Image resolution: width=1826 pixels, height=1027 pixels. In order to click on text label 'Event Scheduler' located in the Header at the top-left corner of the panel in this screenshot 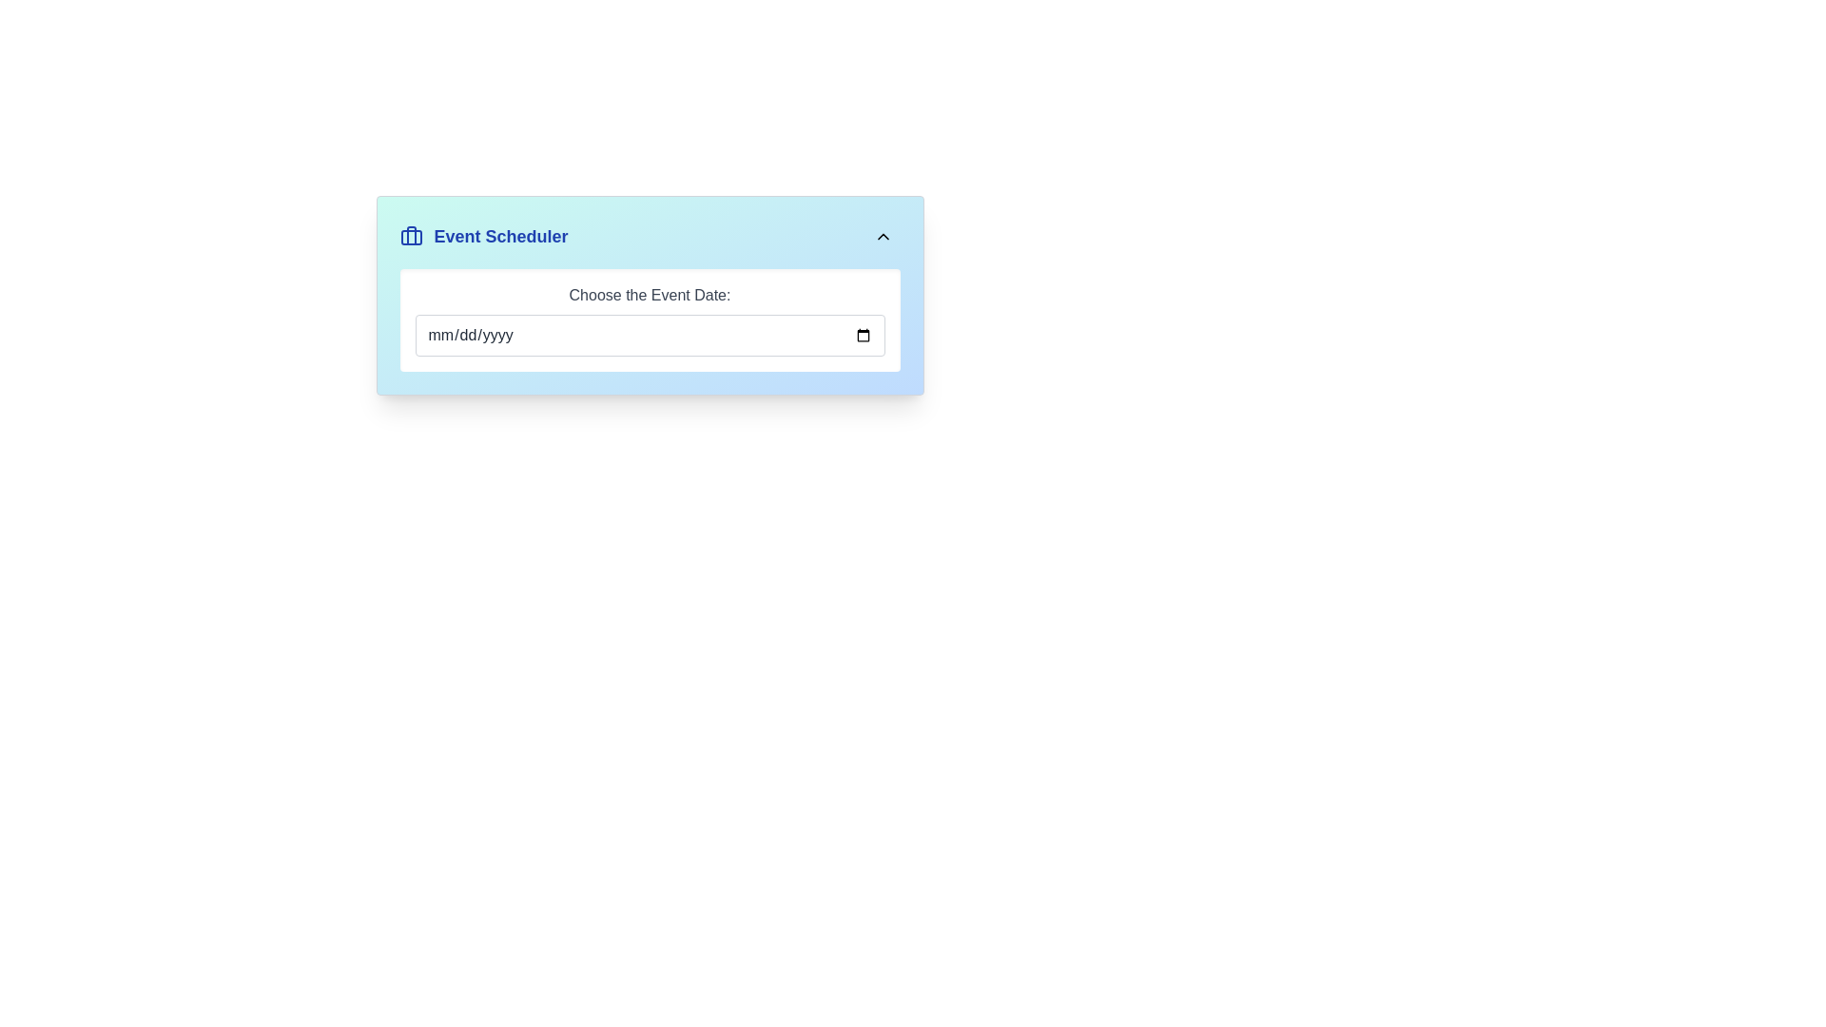, I will do `click(483, 236)`.